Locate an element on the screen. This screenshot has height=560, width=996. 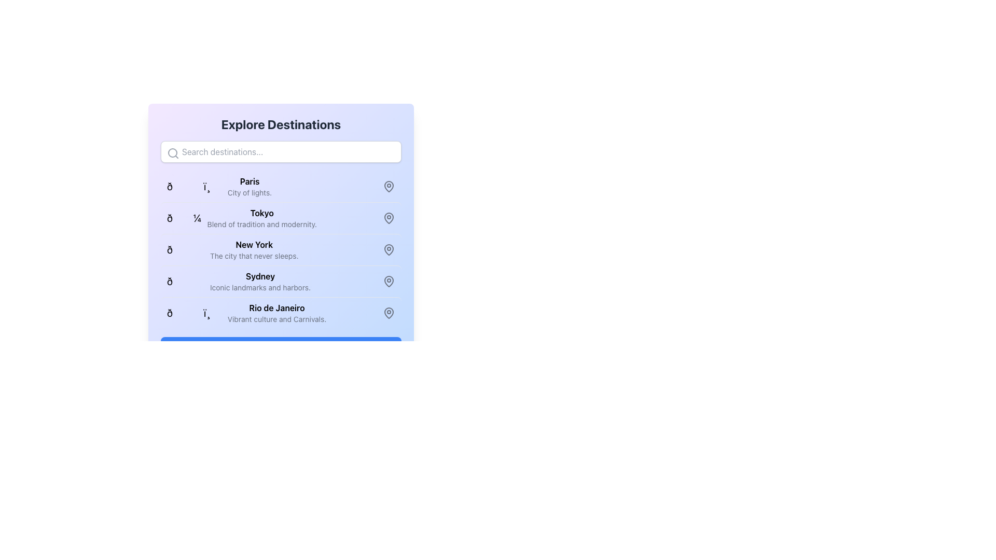
the text label that displays 'The city that never sleeps.' positioned below 'New York' as part of the 'Explore Destinations' section is located at coordinates (254, 256).